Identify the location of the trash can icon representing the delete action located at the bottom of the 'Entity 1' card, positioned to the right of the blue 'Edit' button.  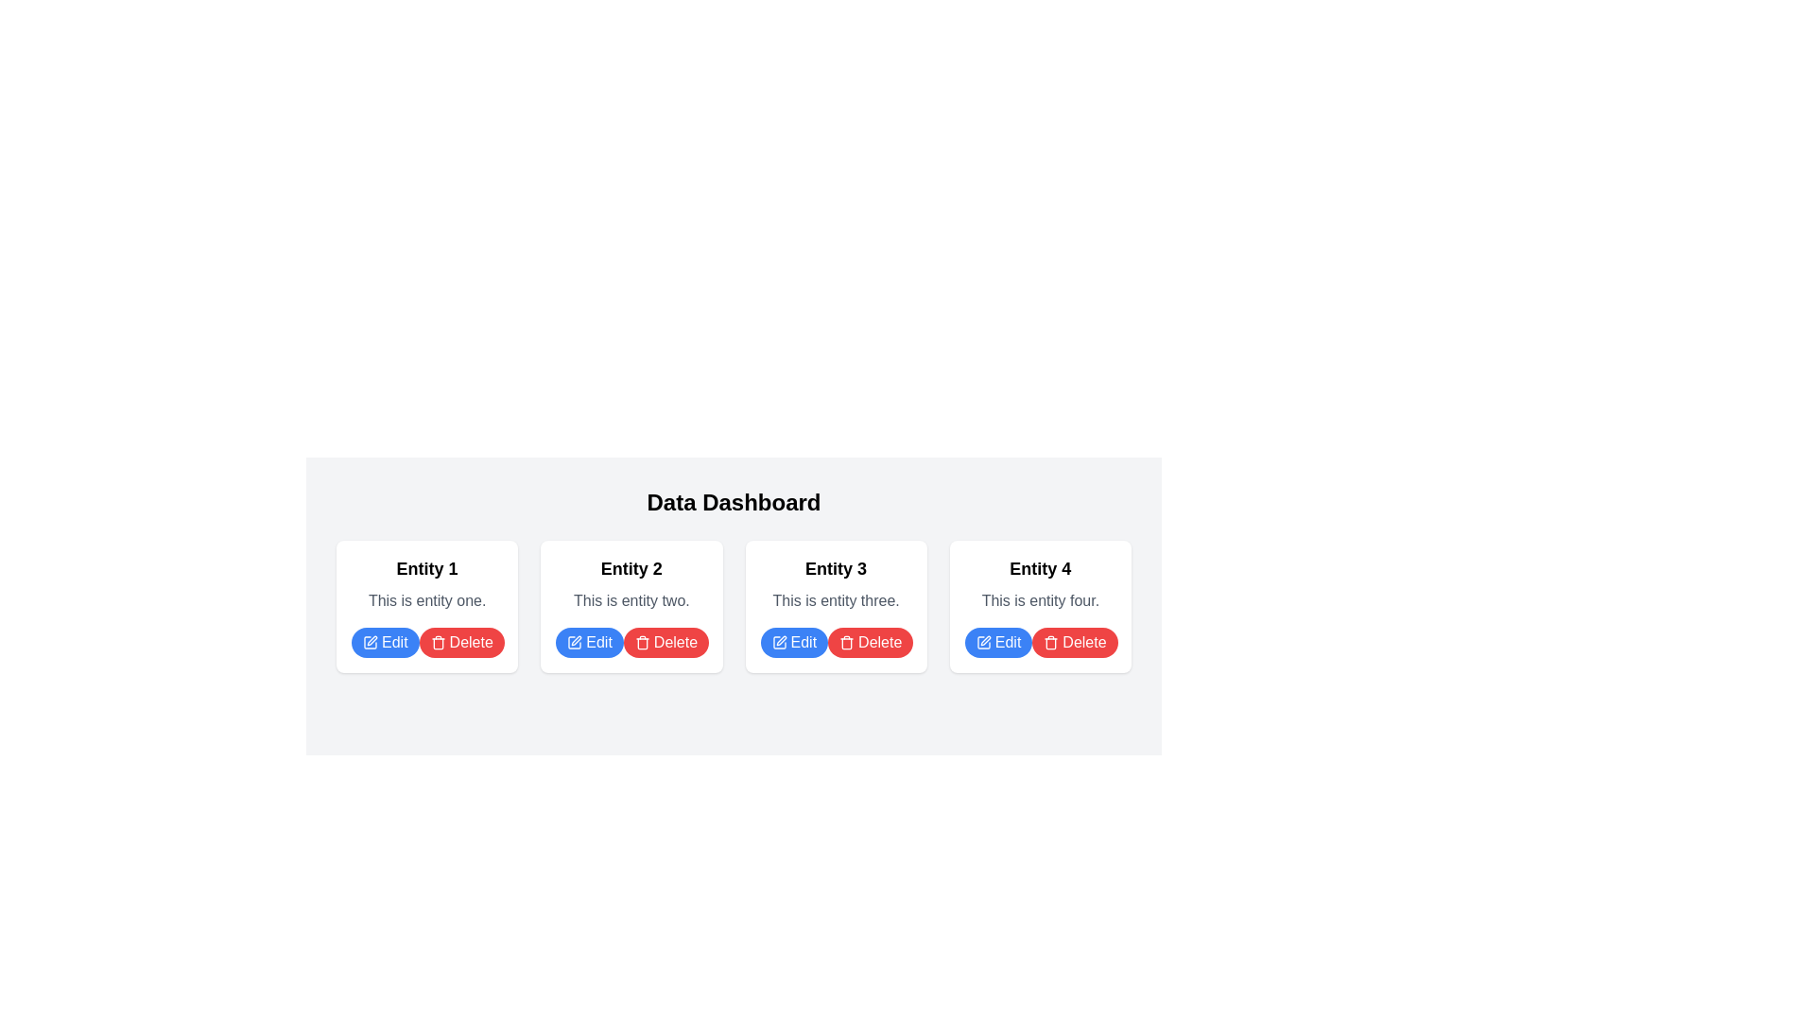
(437, 641).